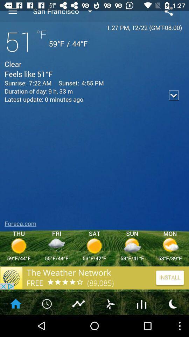 Image resolution: width=189 pixels, height=337 pixels. Describe the element at coordinates (47, 325) in the screenshot. I see `the time icon` at that location.